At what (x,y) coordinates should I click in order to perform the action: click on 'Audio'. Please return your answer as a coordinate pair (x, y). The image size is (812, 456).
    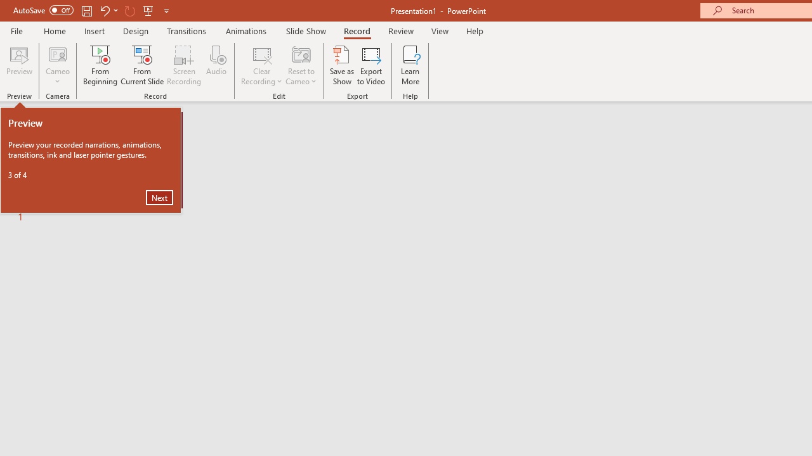
    Looking at the image, I should click on (216, 65).